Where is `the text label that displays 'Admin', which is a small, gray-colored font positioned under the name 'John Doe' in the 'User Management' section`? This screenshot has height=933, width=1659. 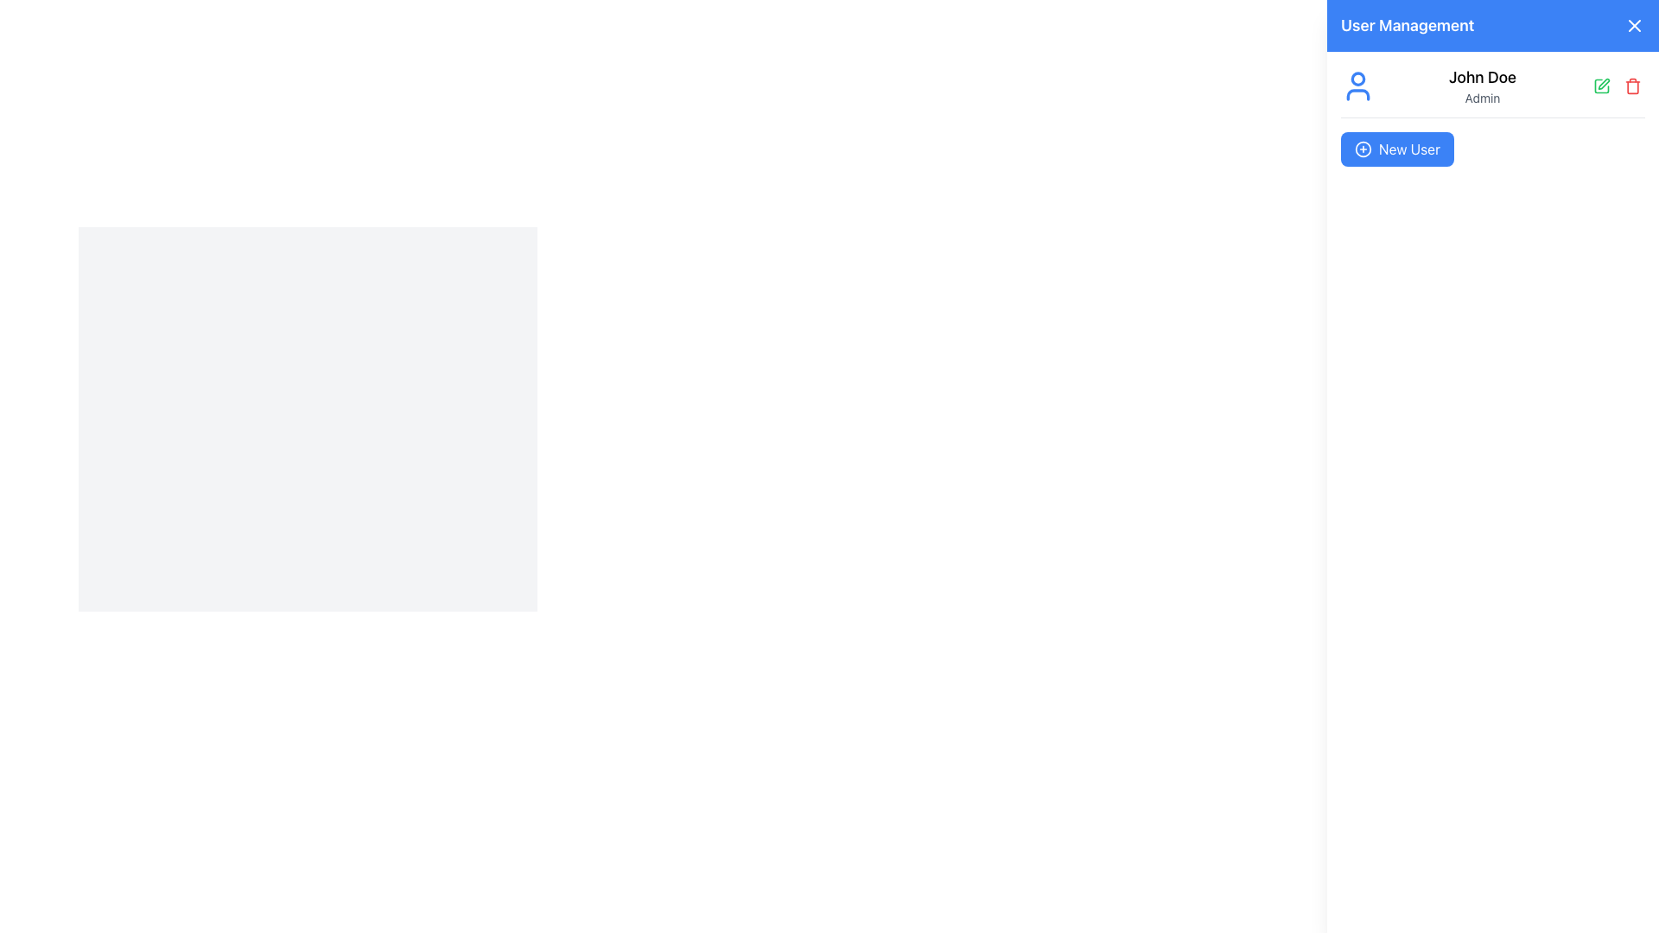
the text label that displays 'Admin', which is a small, gray-colored font positioned under the name 'John Doe' in the 'User Management' section is located at coordinates (1482, 98).